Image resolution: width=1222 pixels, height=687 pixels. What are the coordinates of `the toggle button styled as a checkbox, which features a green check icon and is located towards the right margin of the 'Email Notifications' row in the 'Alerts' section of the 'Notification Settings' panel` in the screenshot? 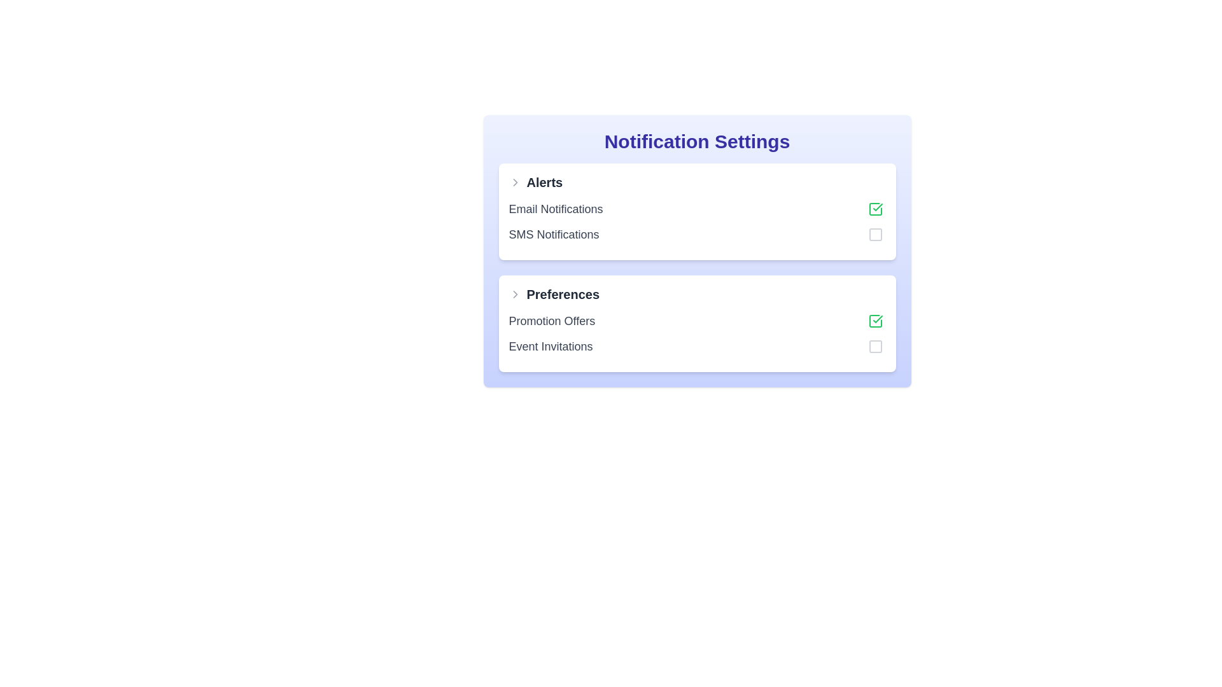 It's located at (874, 208).